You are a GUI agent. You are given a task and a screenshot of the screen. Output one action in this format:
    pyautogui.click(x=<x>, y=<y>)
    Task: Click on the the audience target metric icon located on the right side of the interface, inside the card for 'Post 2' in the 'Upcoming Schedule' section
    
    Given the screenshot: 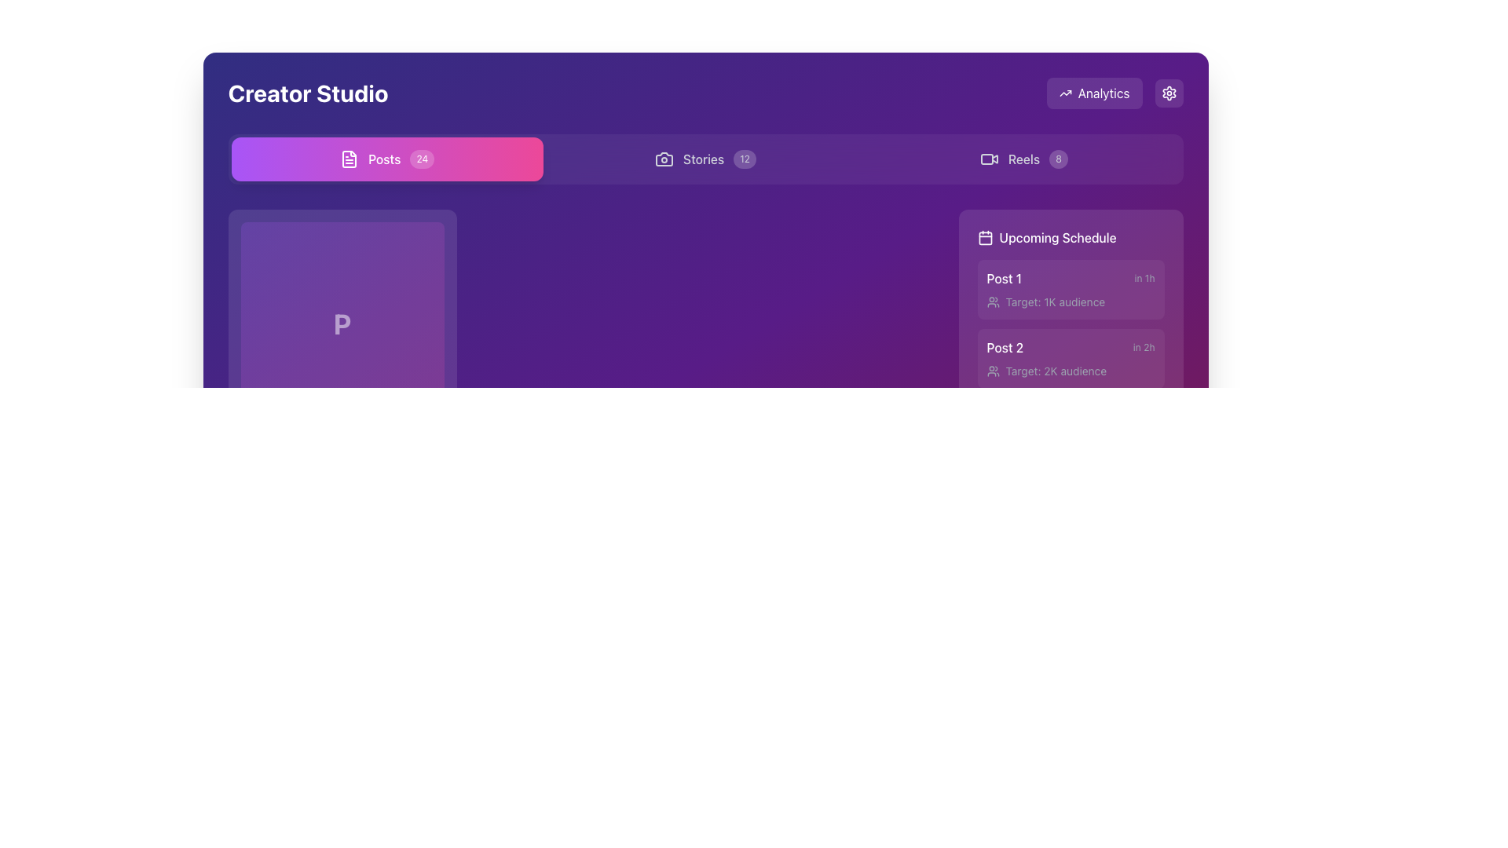 What is the action you would take?
    pyautogui.click(x=992, y=371)
    